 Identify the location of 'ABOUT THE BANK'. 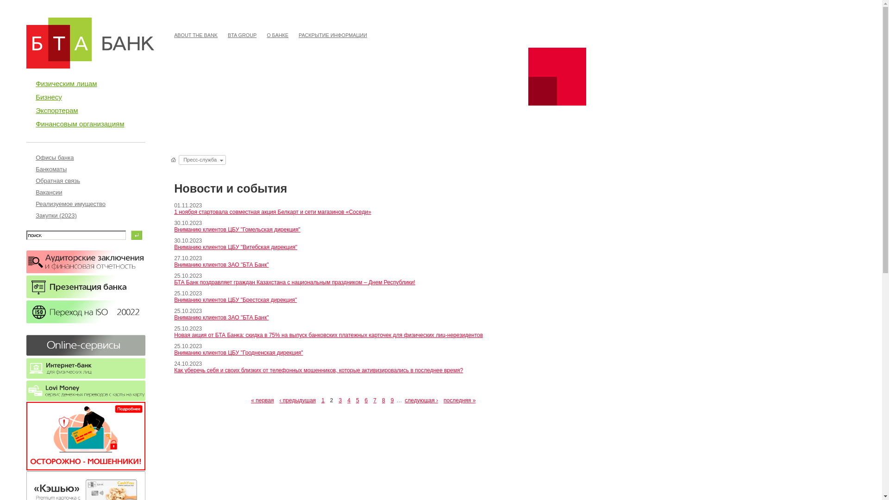
(195, 35).